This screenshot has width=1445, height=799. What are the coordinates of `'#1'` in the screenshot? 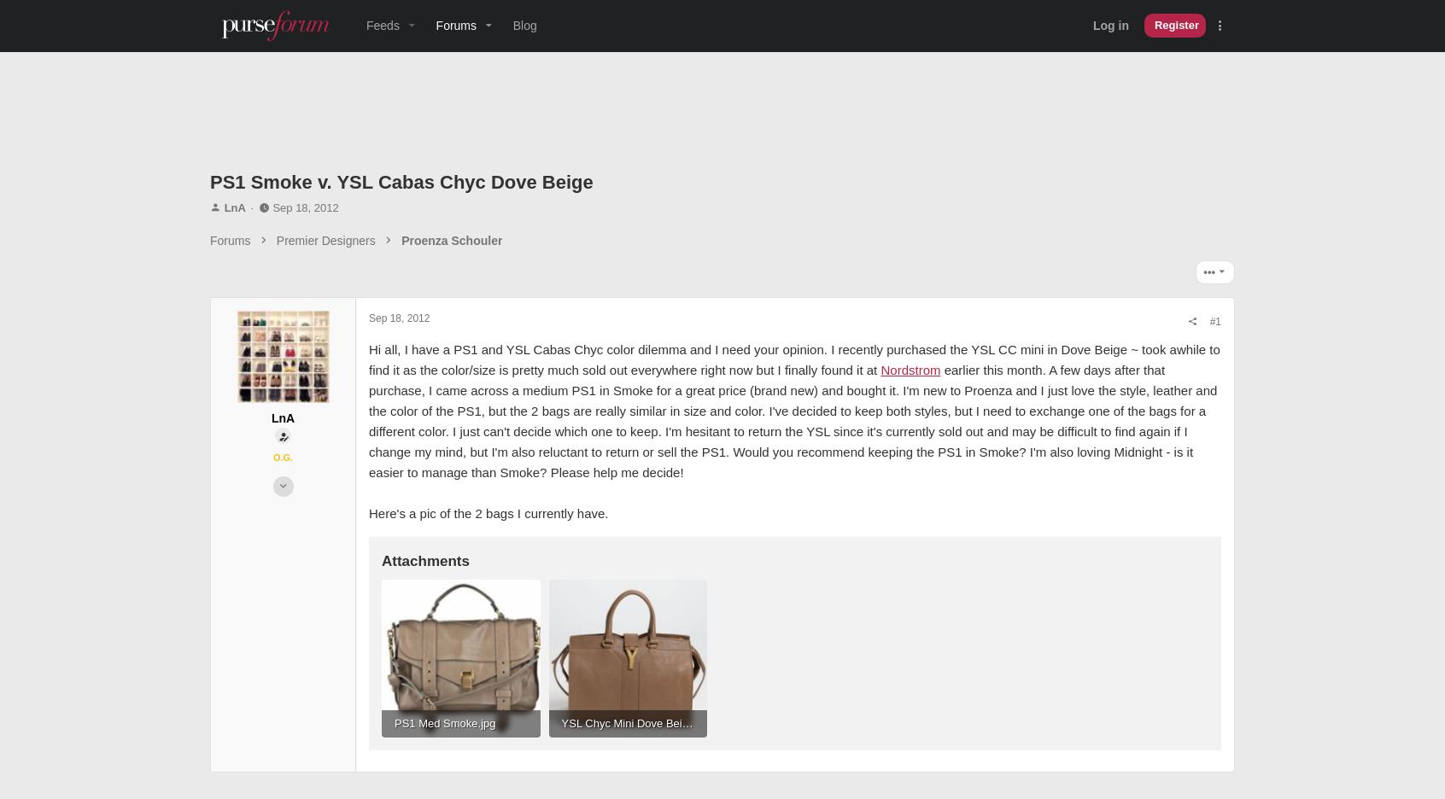 It's located at (939, 320).